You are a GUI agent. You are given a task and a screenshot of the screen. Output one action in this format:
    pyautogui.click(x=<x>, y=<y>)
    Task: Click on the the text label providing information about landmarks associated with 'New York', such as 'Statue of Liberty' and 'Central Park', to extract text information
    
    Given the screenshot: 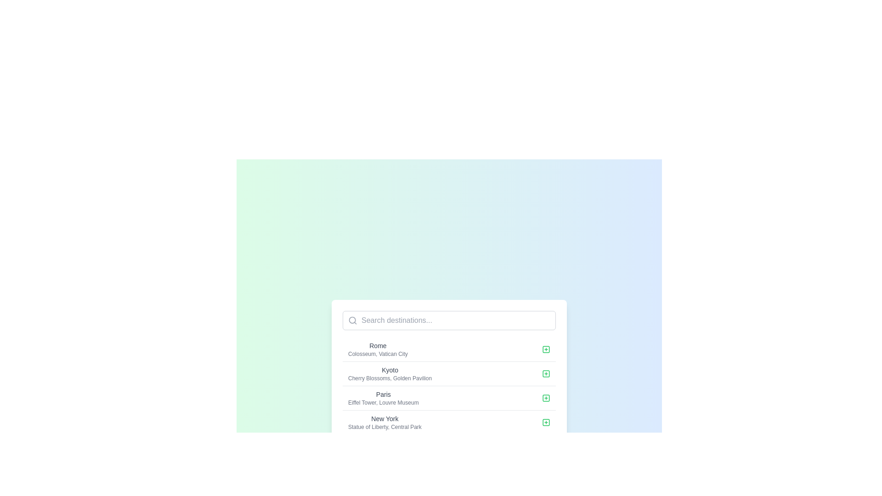 What is the action you would take?
    pyautogui.click(x=384, y=427)
    